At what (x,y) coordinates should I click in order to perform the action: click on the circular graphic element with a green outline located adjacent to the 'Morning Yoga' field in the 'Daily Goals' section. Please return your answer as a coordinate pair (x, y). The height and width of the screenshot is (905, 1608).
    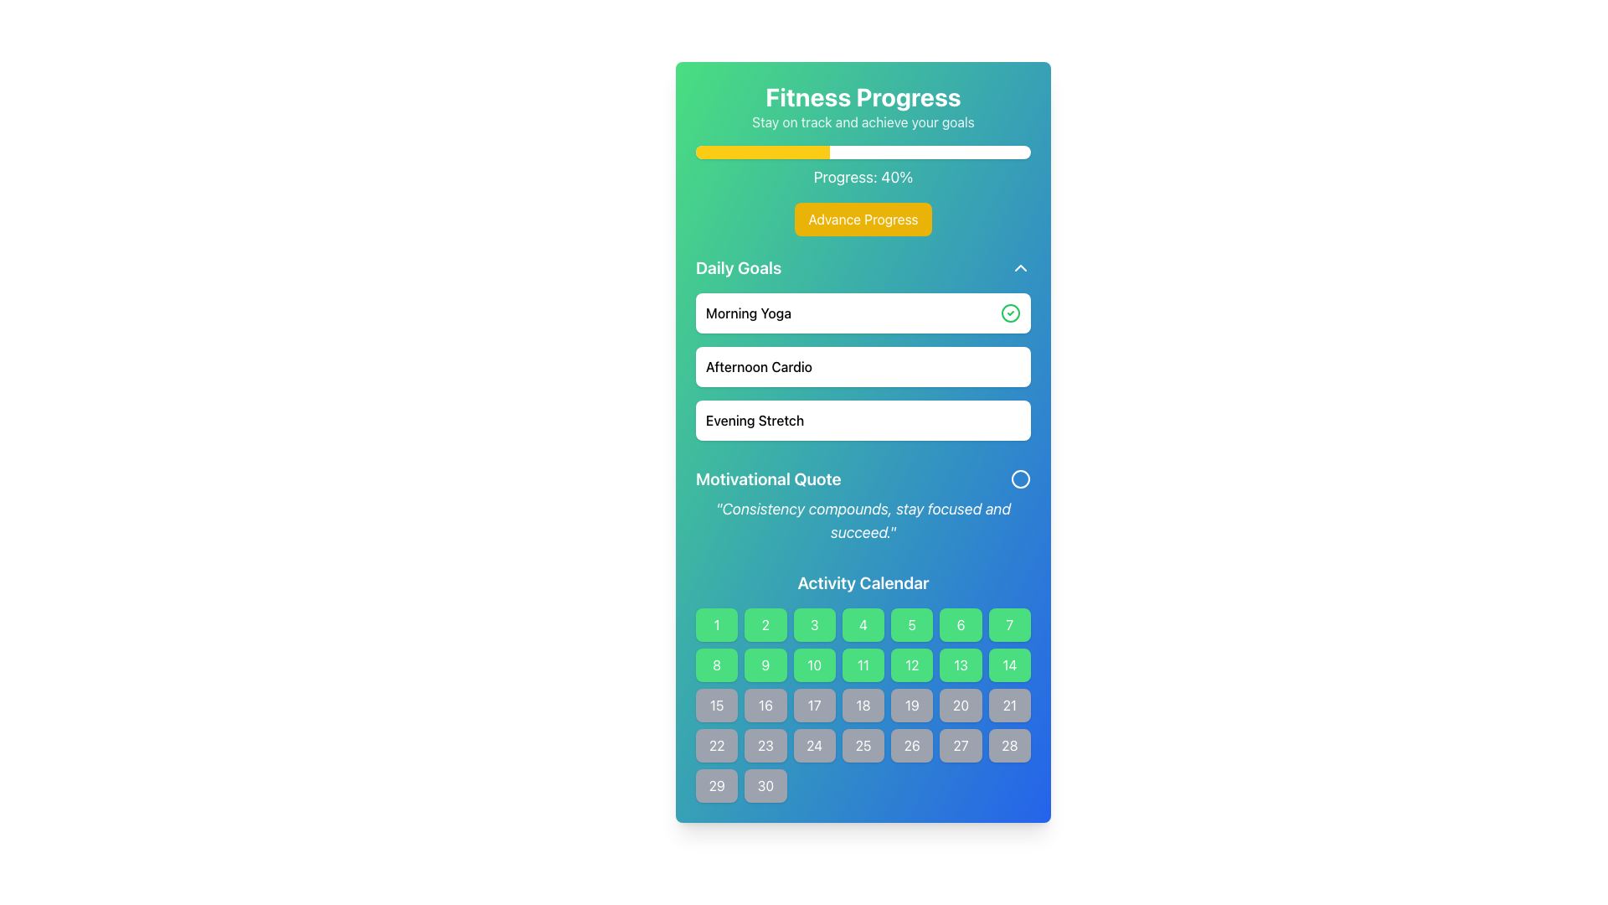
    Looking at the image, I should click on (1009, 313).